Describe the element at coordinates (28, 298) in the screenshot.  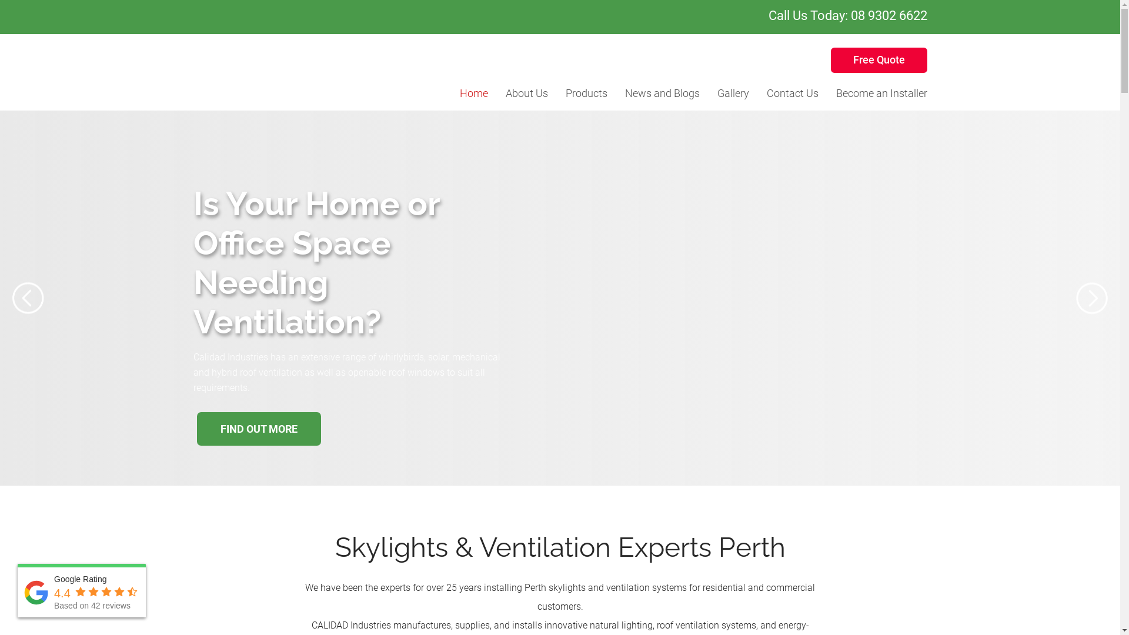
I see `'Previous'` at that location.